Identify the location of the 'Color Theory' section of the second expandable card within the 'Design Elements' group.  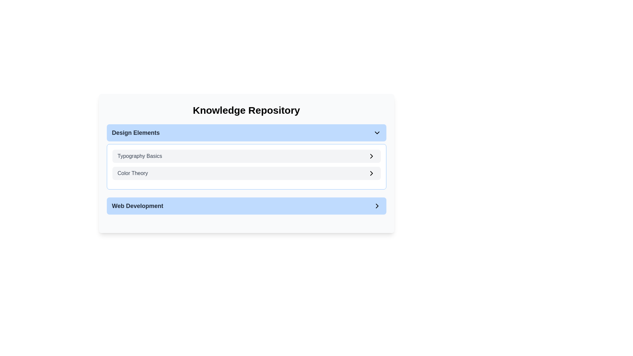
(246, 166).